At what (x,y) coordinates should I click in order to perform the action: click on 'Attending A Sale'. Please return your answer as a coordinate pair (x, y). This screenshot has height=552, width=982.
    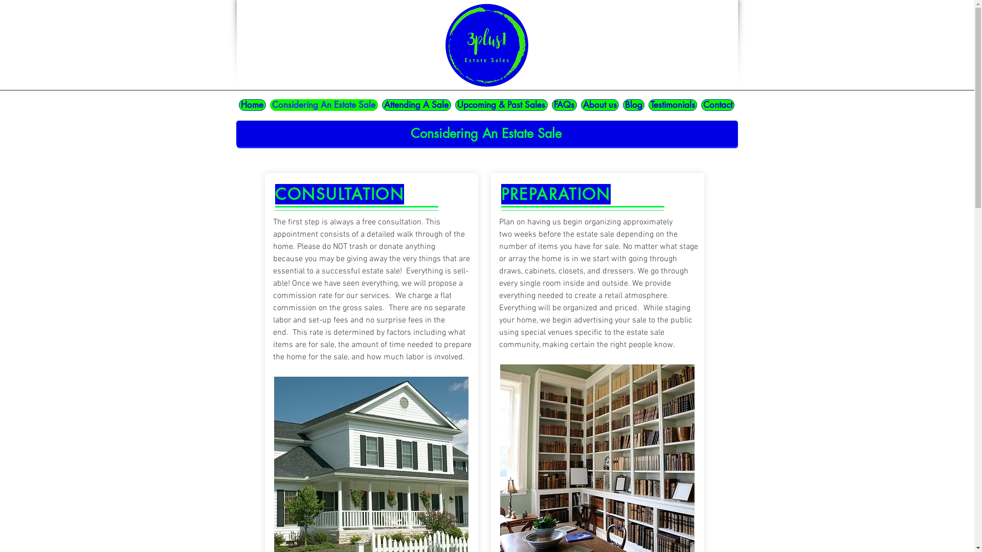
    Looking at the image, I should click on (381, 105).